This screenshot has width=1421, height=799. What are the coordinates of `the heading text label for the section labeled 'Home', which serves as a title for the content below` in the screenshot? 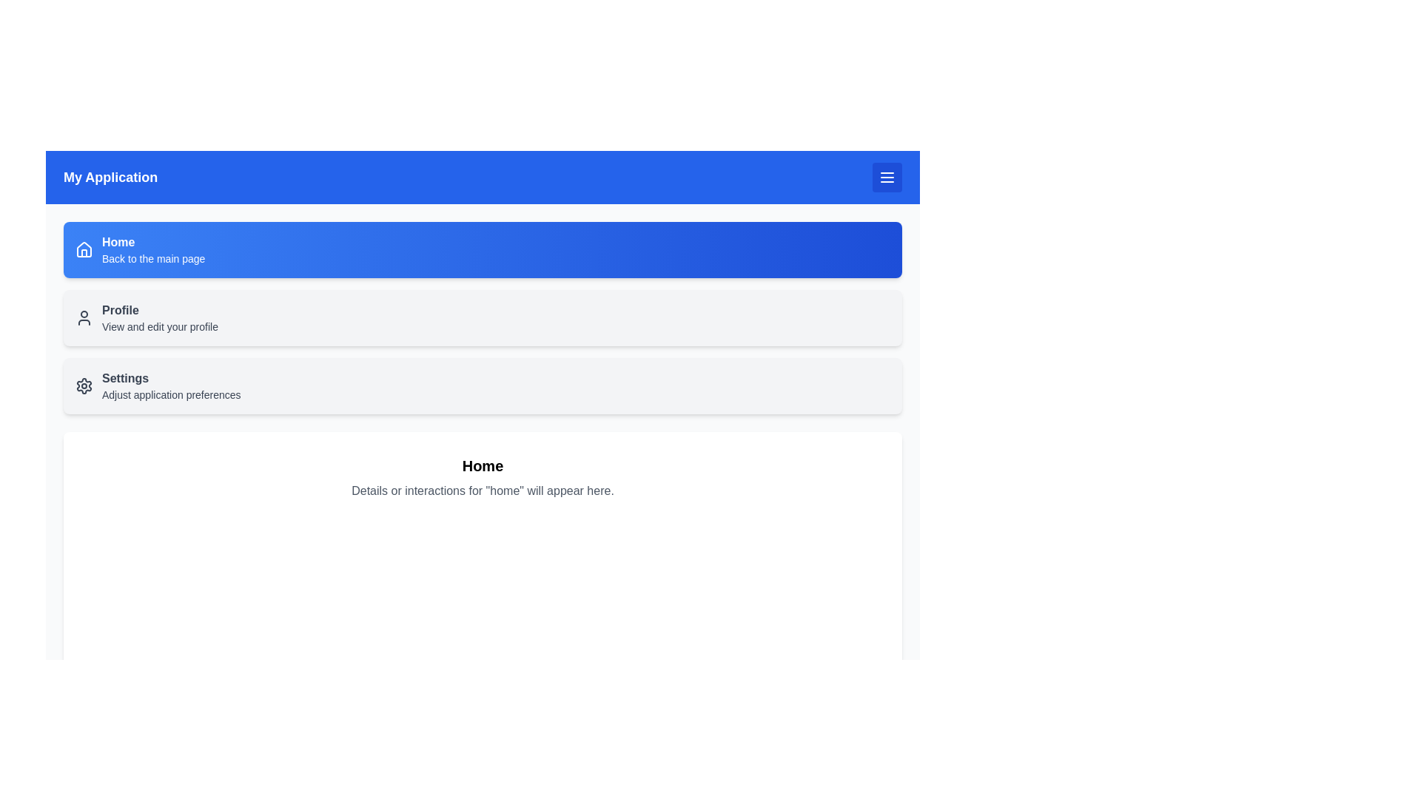 It's located at (483, 465).